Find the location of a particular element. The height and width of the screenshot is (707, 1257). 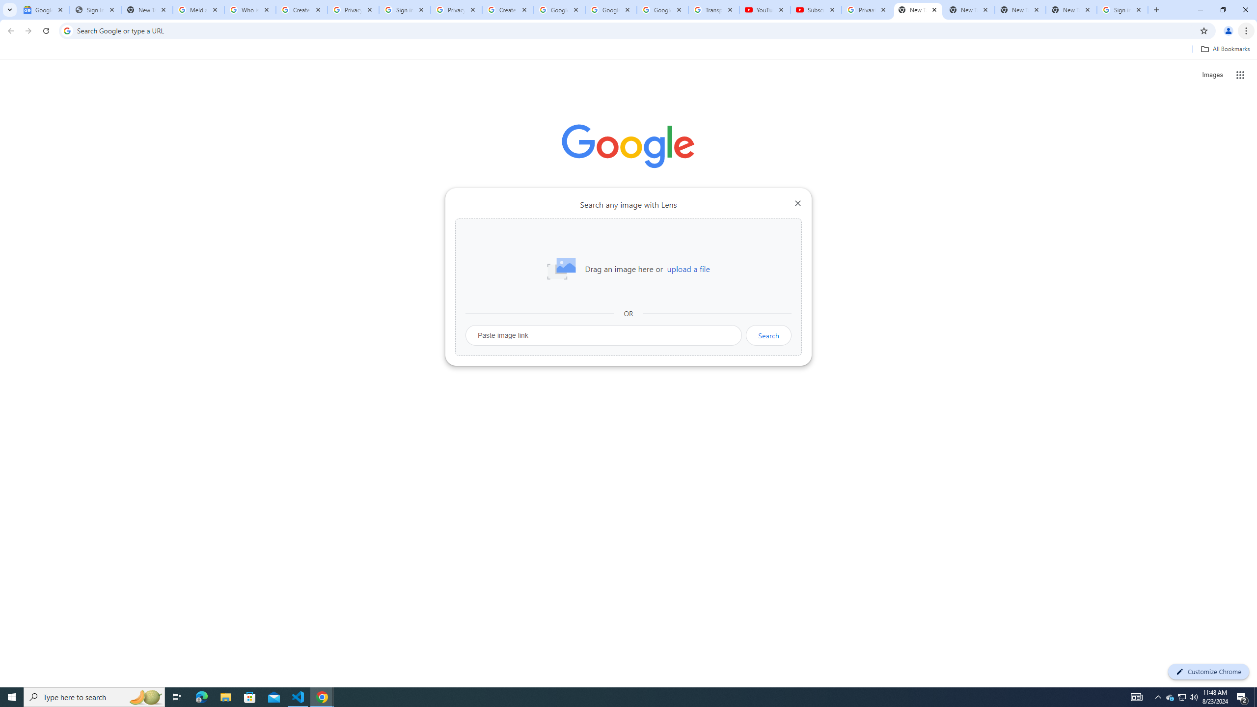

'Who is my administrator? - Google Account Help' is located at coordinates (250, 9).